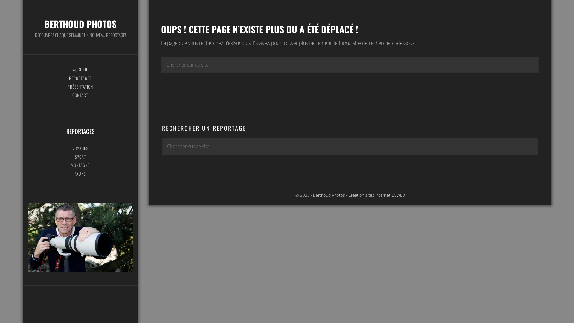 The height and width of the screenshot is (323, 574). I want to click on 'MONTAGNE', so click(80, 165).